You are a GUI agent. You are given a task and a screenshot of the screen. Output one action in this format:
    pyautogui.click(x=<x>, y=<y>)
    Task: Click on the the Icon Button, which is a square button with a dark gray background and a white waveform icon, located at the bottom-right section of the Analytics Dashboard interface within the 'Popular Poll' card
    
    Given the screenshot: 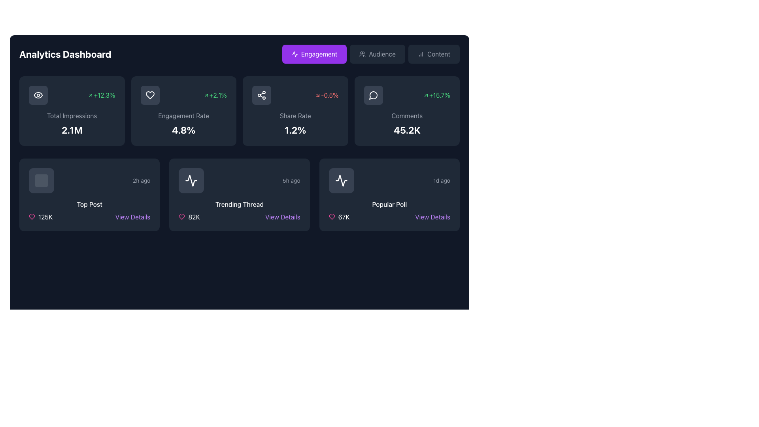 What is the action you would take?
    pyautogui.click(x=341, y=180)
    